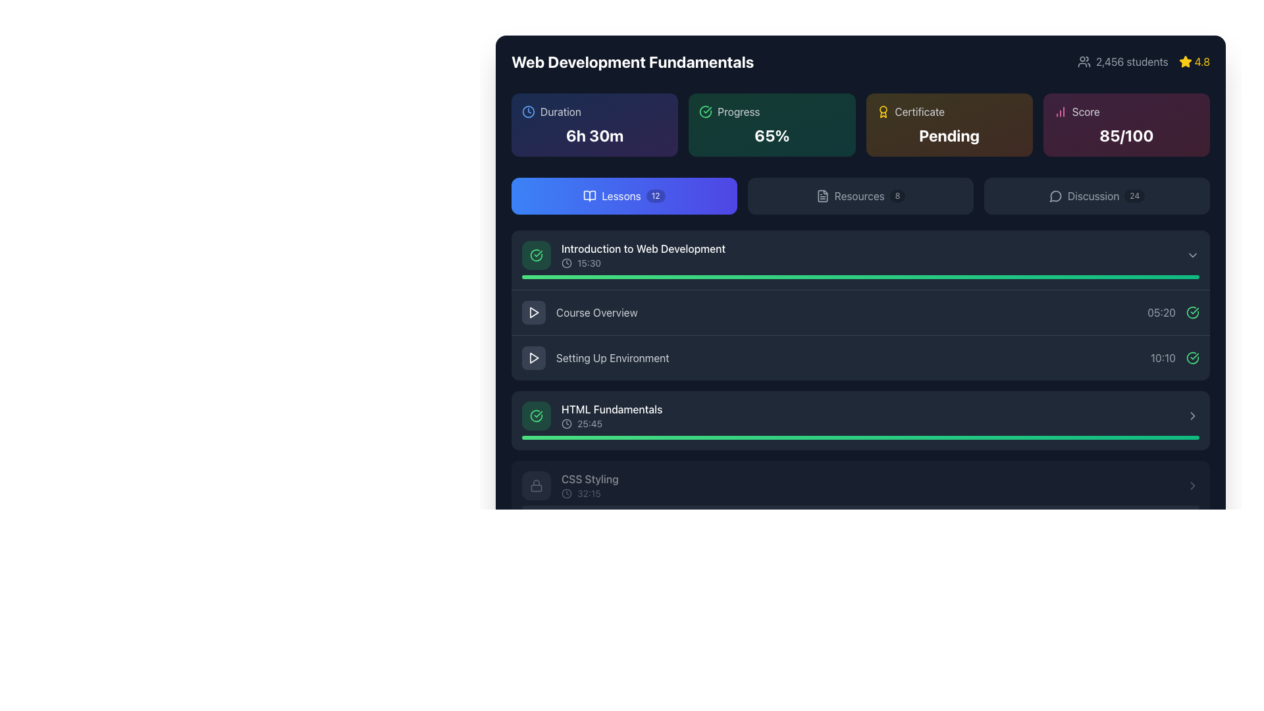  I want to click on the 'Discussion' button with a chat bubble icon and a badge displaying '24', so click(1097, 196).